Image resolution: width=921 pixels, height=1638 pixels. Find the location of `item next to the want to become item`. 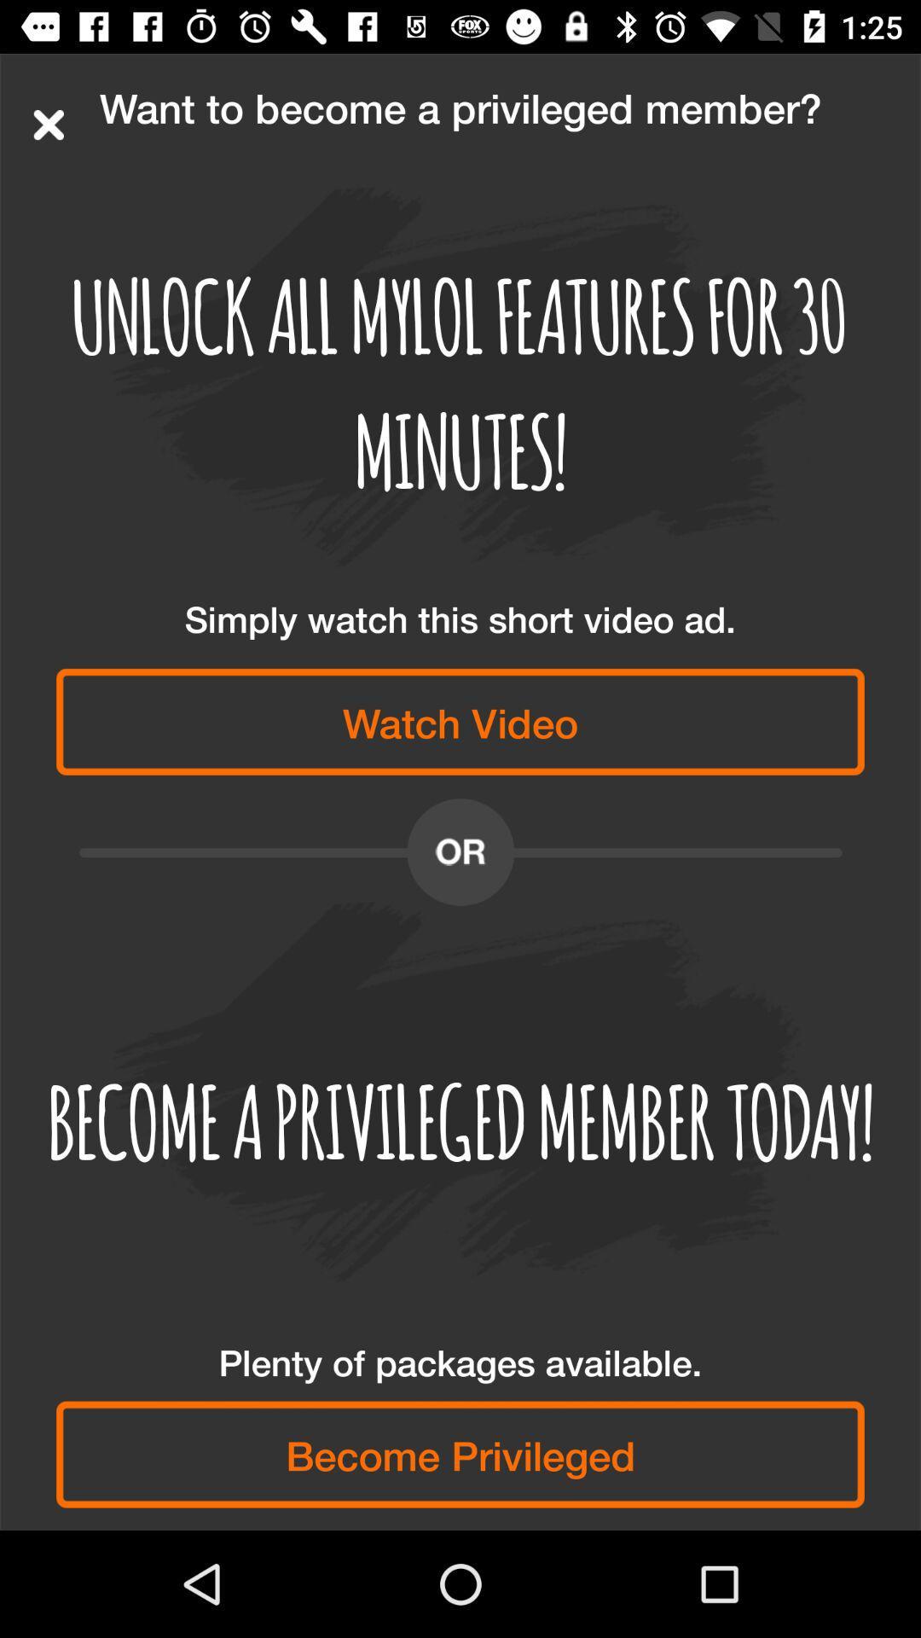

item next to the want to become item is located at coordinates (48, 124).